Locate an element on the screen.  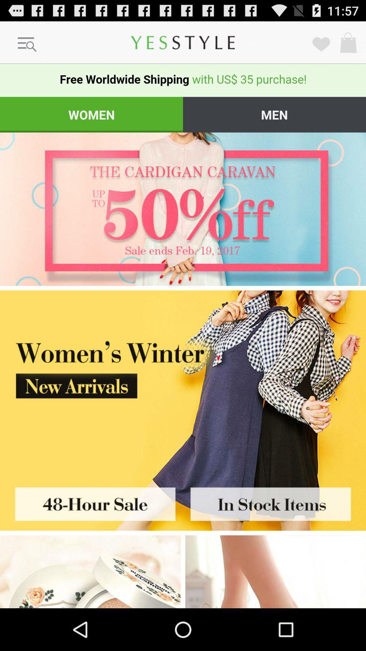
advertisement is located at coordinates (90, 571).